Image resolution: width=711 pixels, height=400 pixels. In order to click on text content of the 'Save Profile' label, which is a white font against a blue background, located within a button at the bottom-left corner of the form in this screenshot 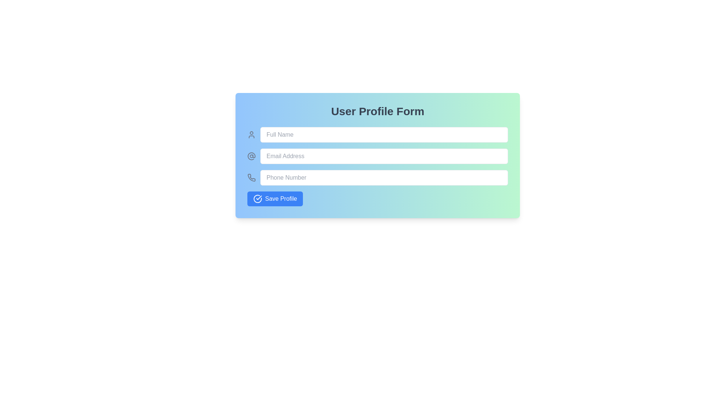, I will do `click(281, 198)`.